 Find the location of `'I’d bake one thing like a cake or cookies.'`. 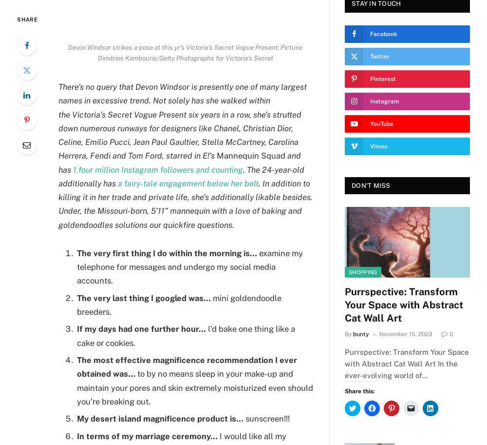

'I’d bake one thing like a cake or cookies.' is located at coordinates (186, 336).